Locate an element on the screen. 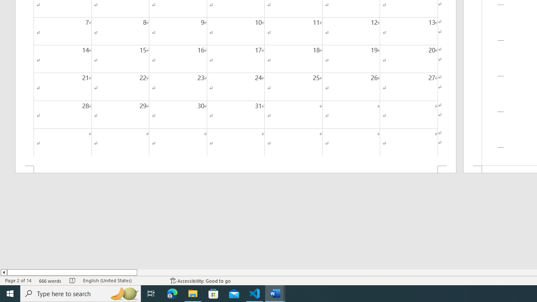 Image resolution: width=537 pixels, height=302 pixels. 'Accessibility Checker Accessibility: Good to go' is located at coordinates (200, 281).